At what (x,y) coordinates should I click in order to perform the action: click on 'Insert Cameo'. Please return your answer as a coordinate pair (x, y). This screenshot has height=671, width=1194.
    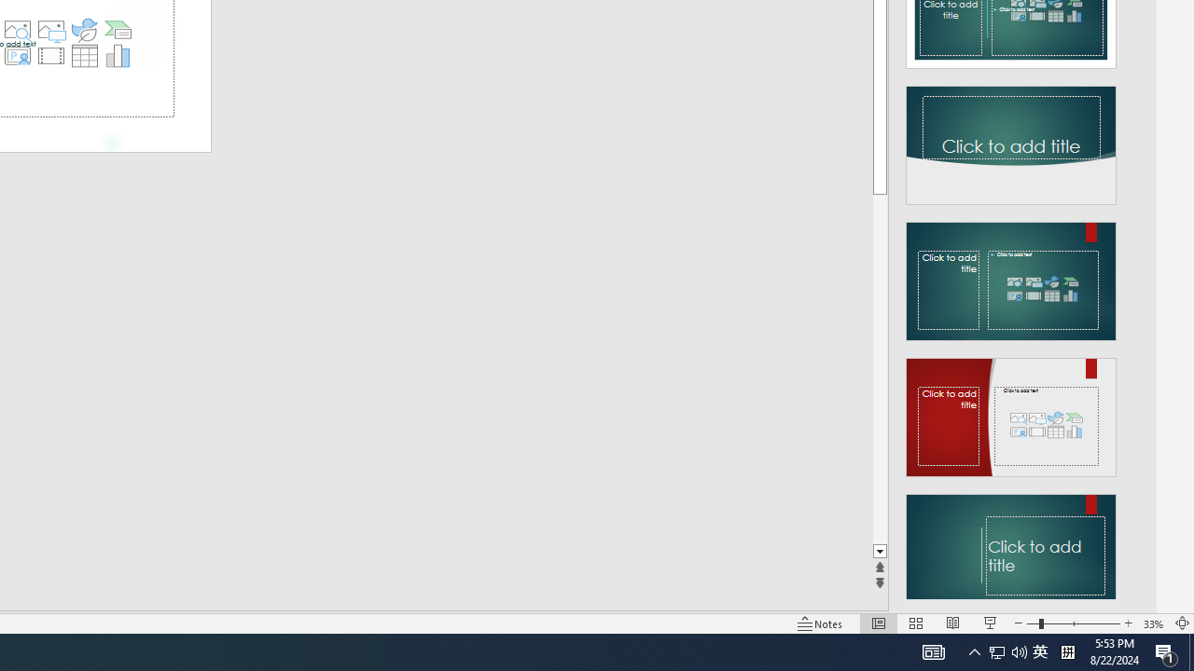
    Looking at the image, I should click on (17, 55).